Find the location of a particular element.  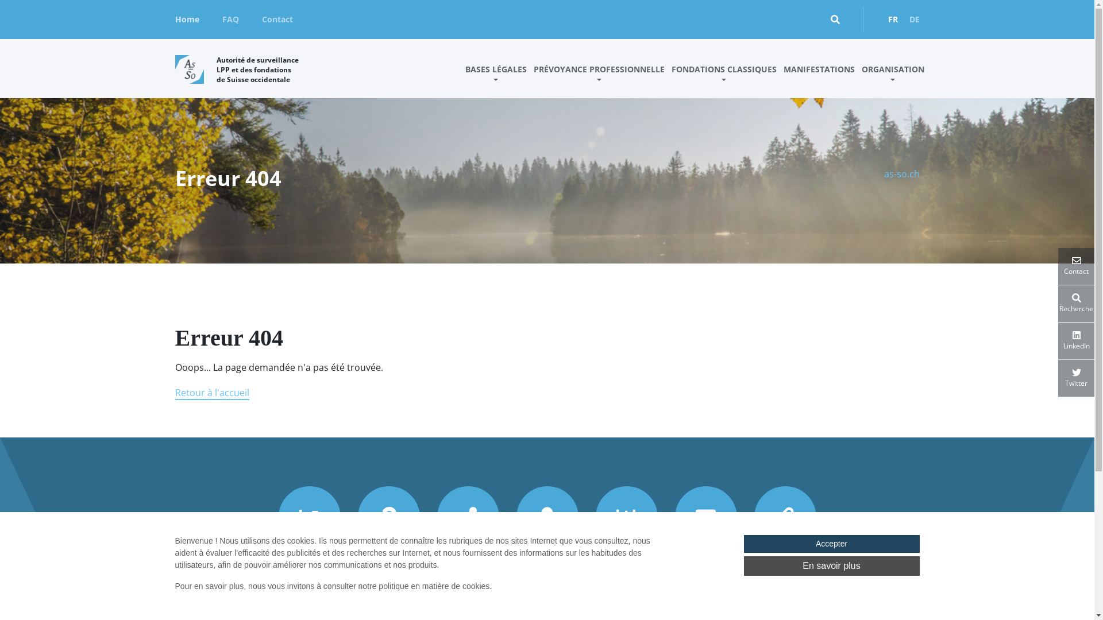

'FONDATIONS CLASSIQUES' is located at coordinates (723, 79).